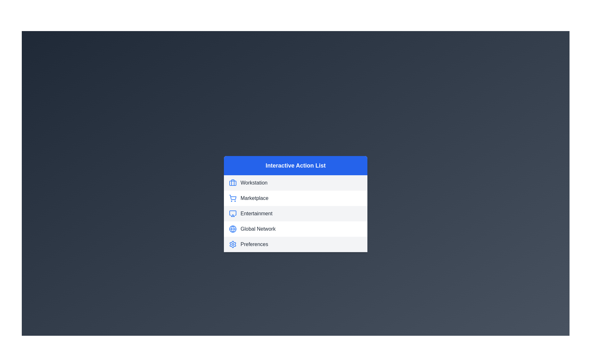 This screenshot has height=346, width=615. What do you see at coordinates (232, 183) in the screenshot?
I see `the inner rectangular decorative part of the briefcase icon, which visually represents the 'Workstation' label and is located at the top of the menu list` at bounding box center [232, 183].